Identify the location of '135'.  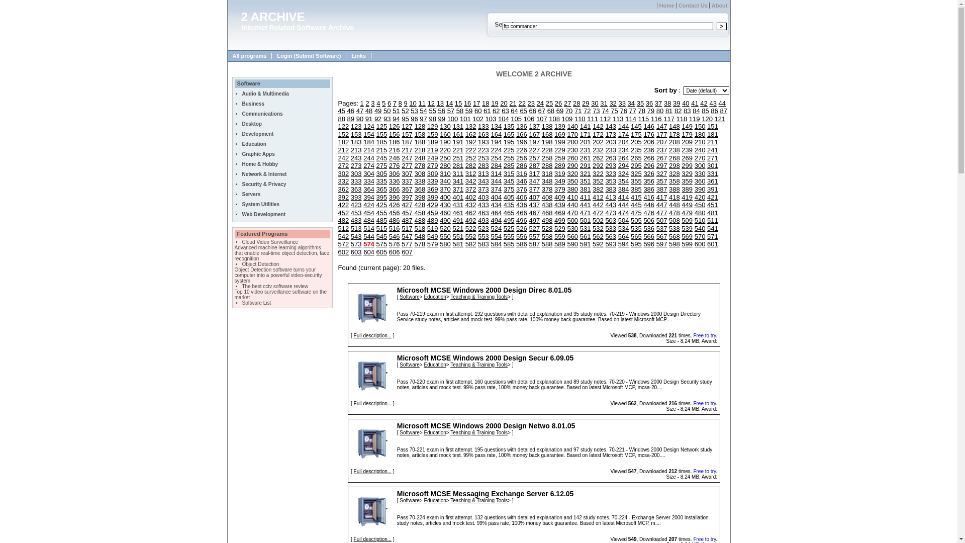
(504, 126).